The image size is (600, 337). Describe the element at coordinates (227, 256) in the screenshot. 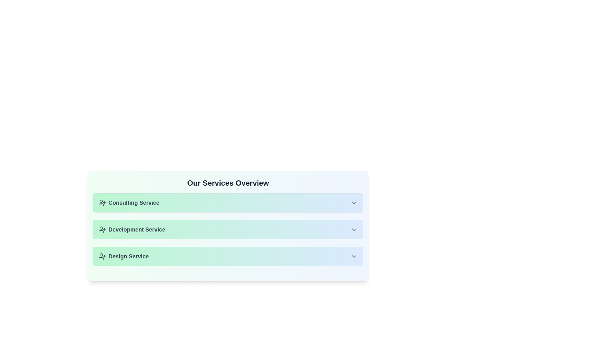

I see `the 'Design Service' expandable menu item to select it for viewing additional options` at that location.